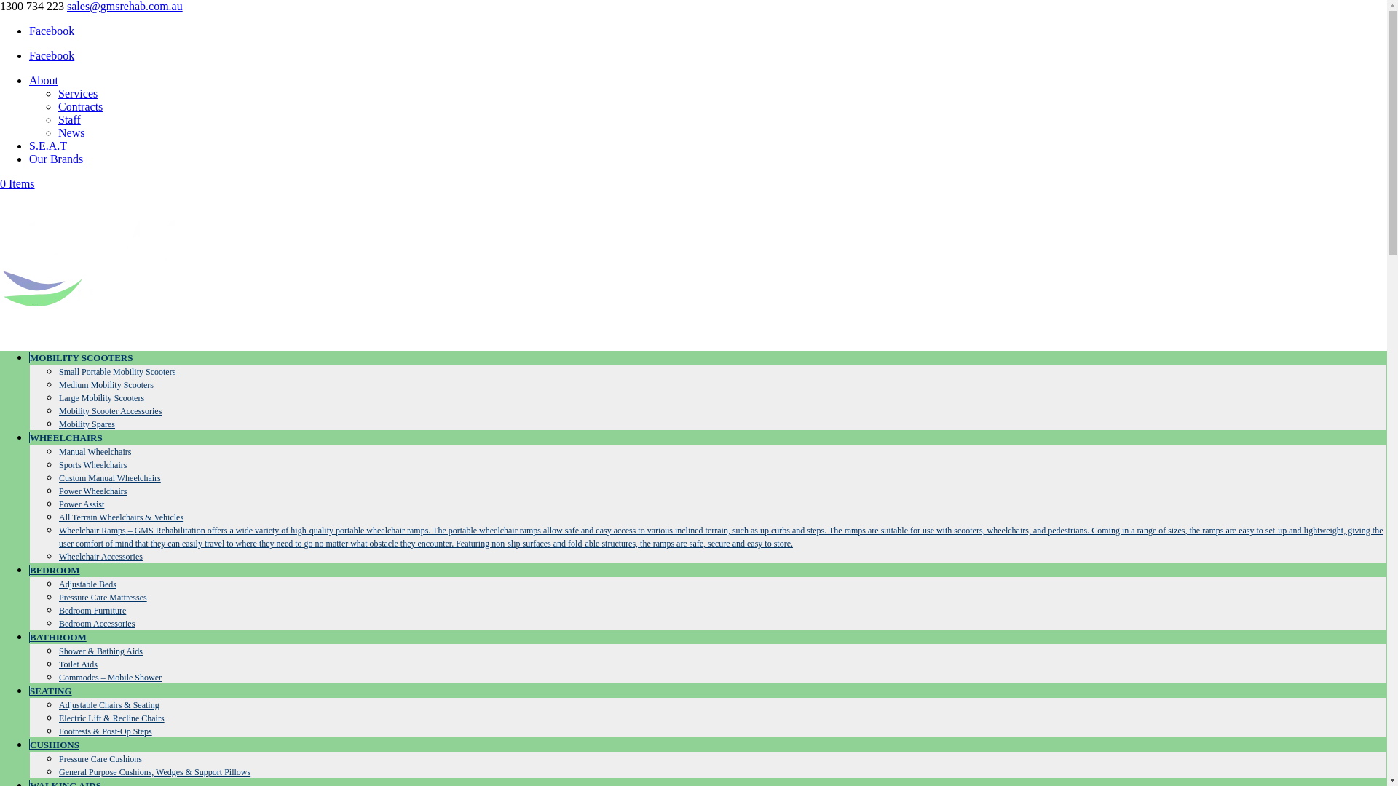  What do you see at coordinates (54, 745) in the screenshot?
I see `'CUSHIONS'` at bounding box center [54, 745].